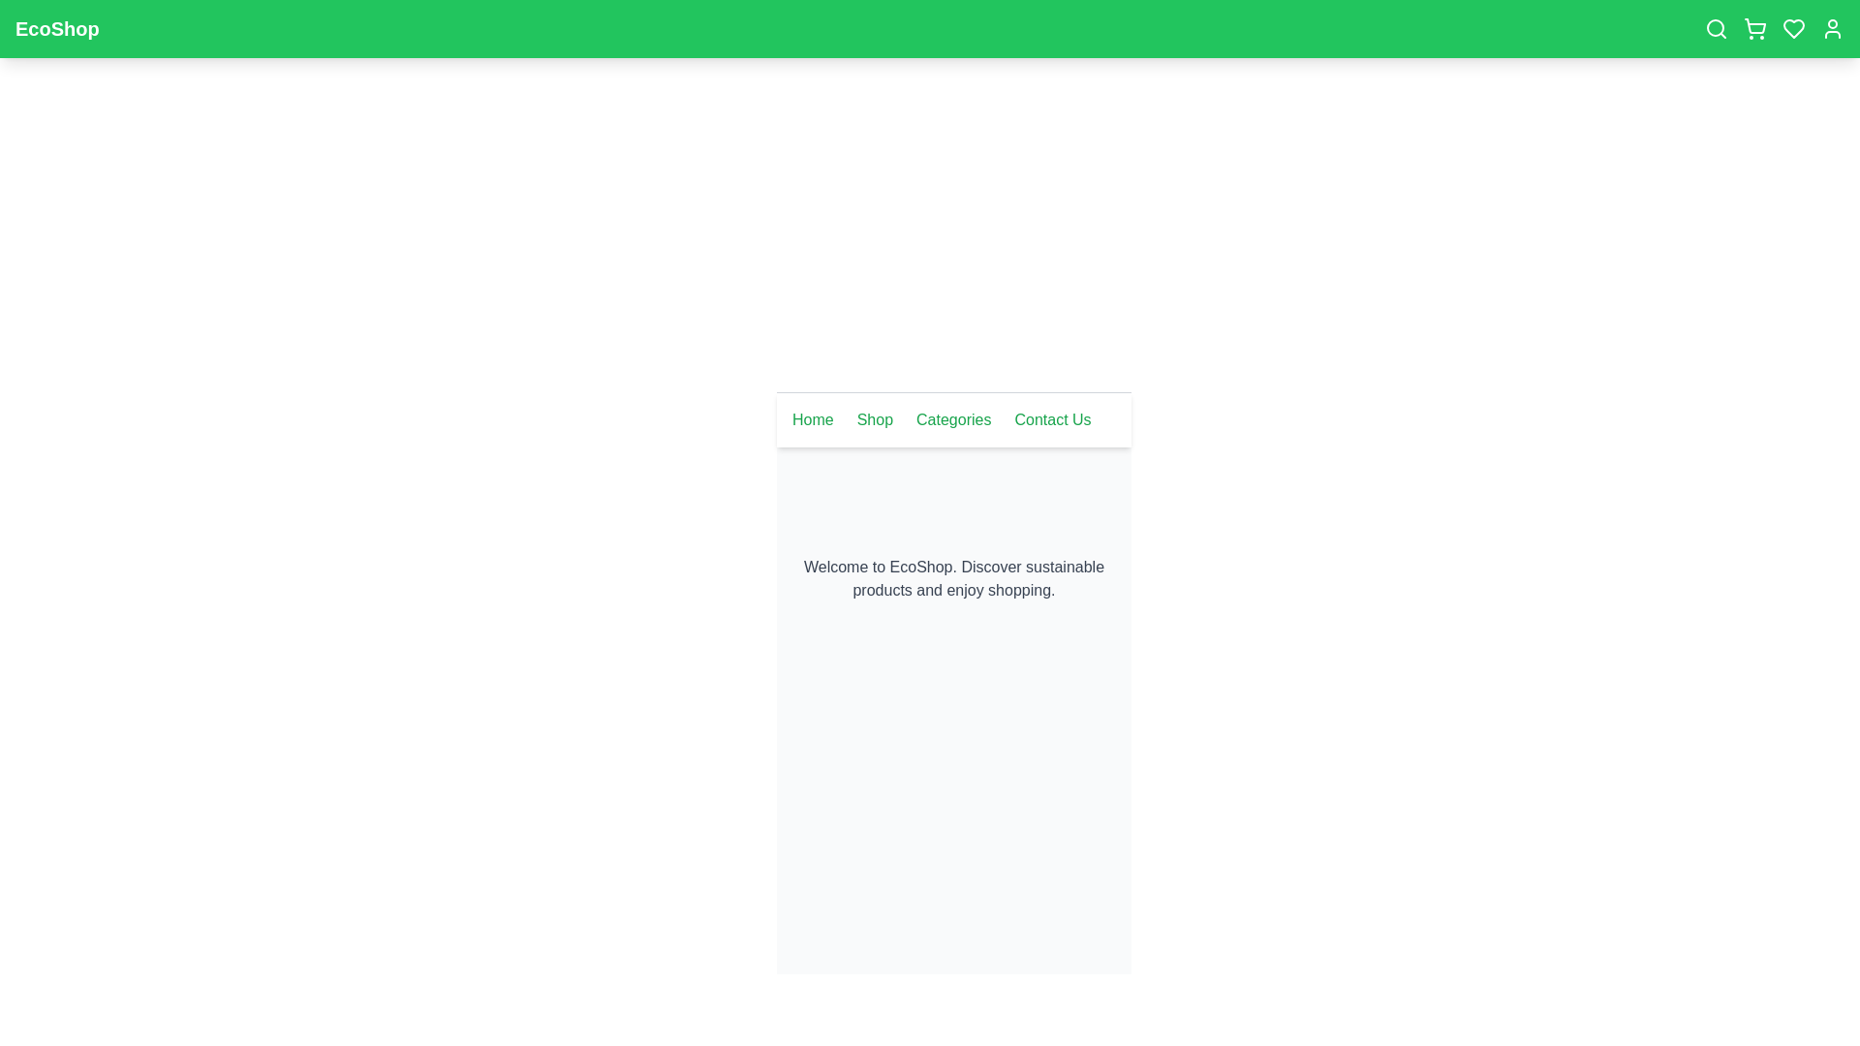 The width and height of the screenshot is (1860, 1046). I want to click on the user icon to view the user profile, so click(1831, 29).